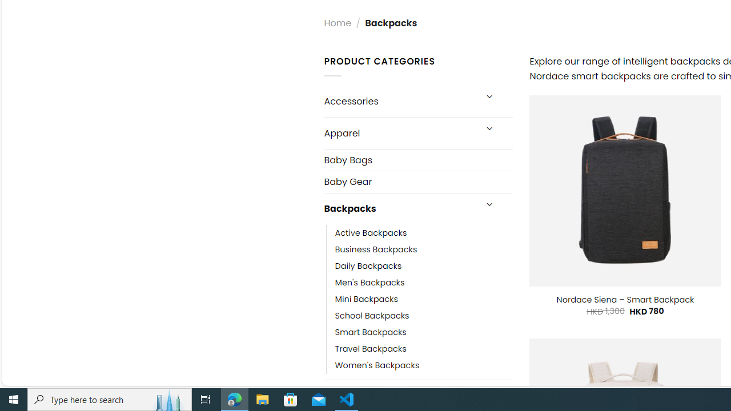 The width and height of the screenshot is (731, 411). I want to click on 'Women', so click(377, 365).